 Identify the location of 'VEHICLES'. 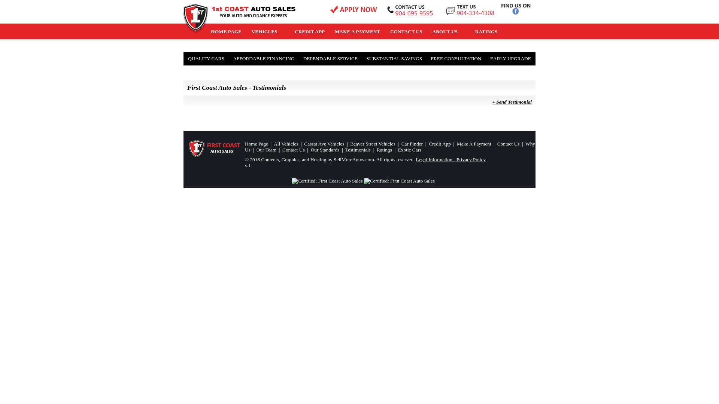
(246, 31).